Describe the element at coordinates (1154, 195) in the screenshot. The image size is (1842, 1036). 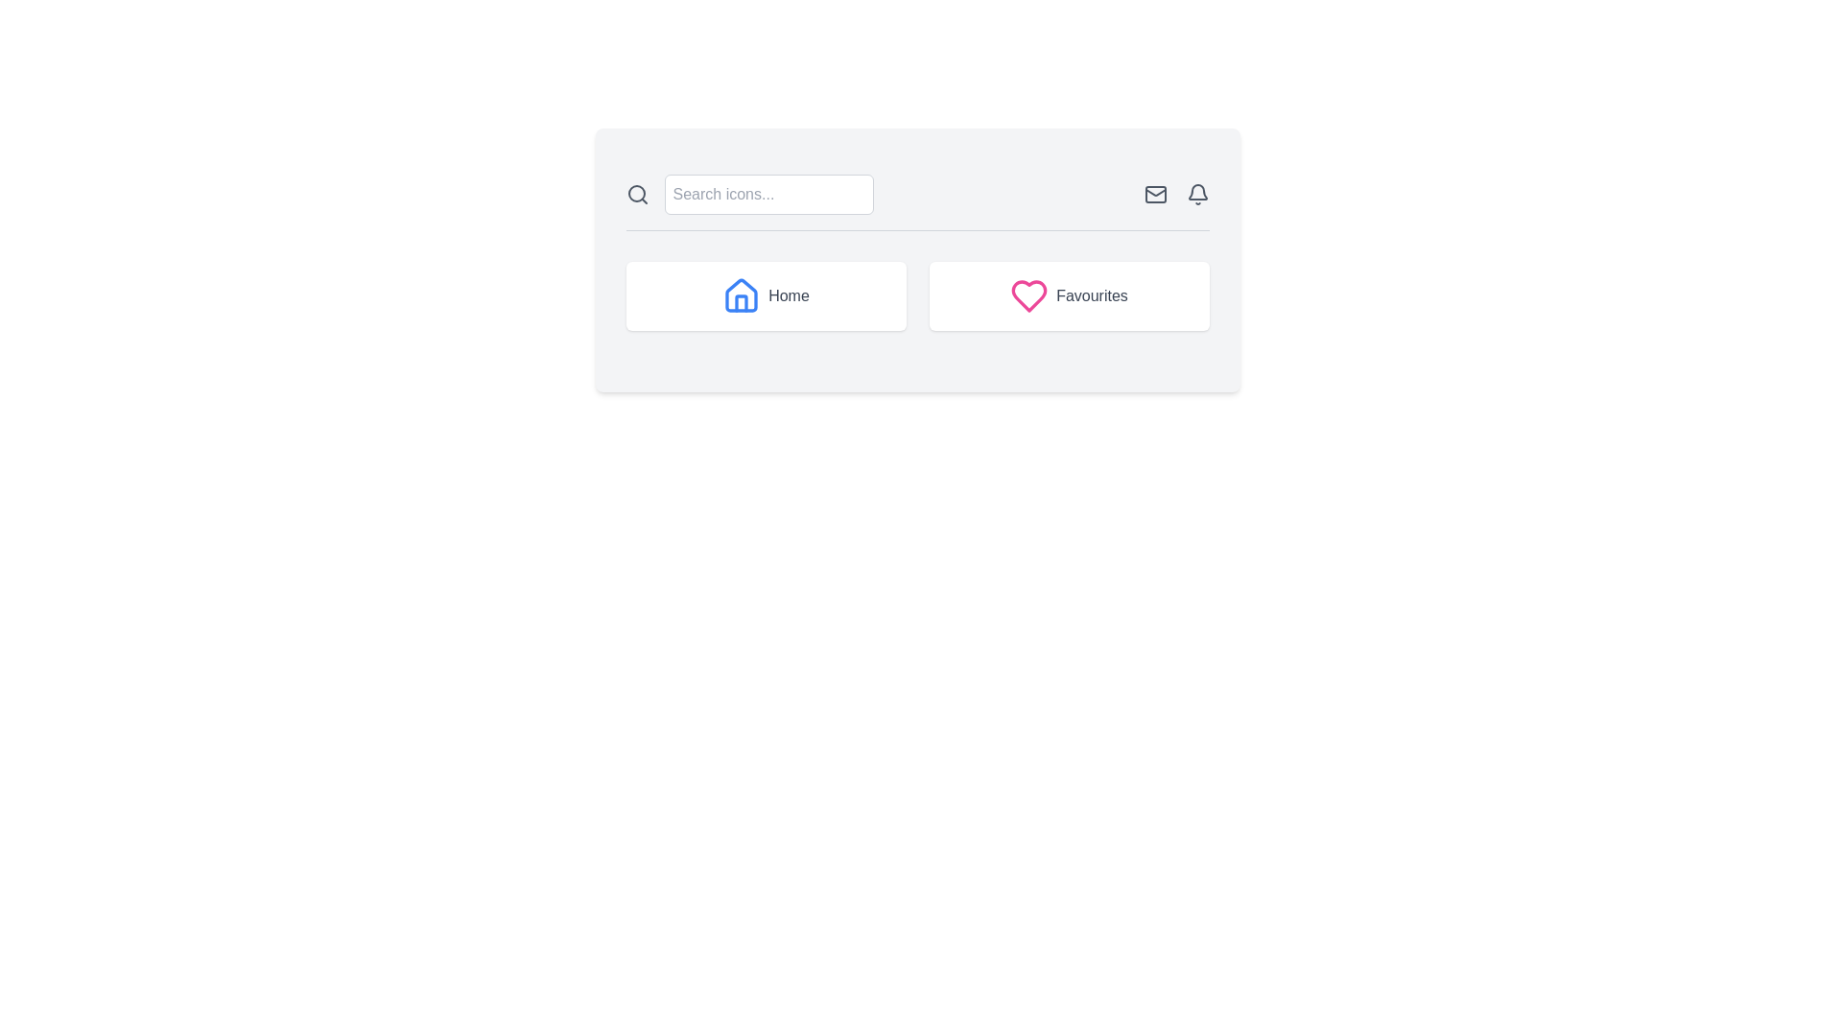
I see `the primary rectangle portion of the envelope icon in the navigation bar, located between the search bar and the bell notification icon` at that location.